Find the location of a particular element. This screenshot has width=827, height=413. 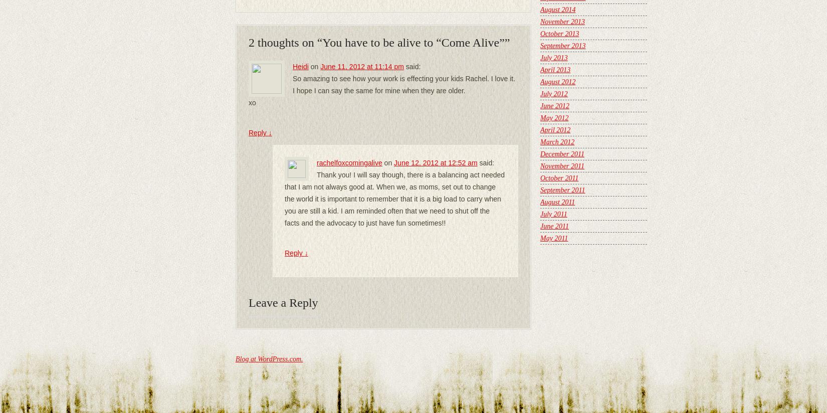

'Leave a Reply' is located at coordinates (282, 302).